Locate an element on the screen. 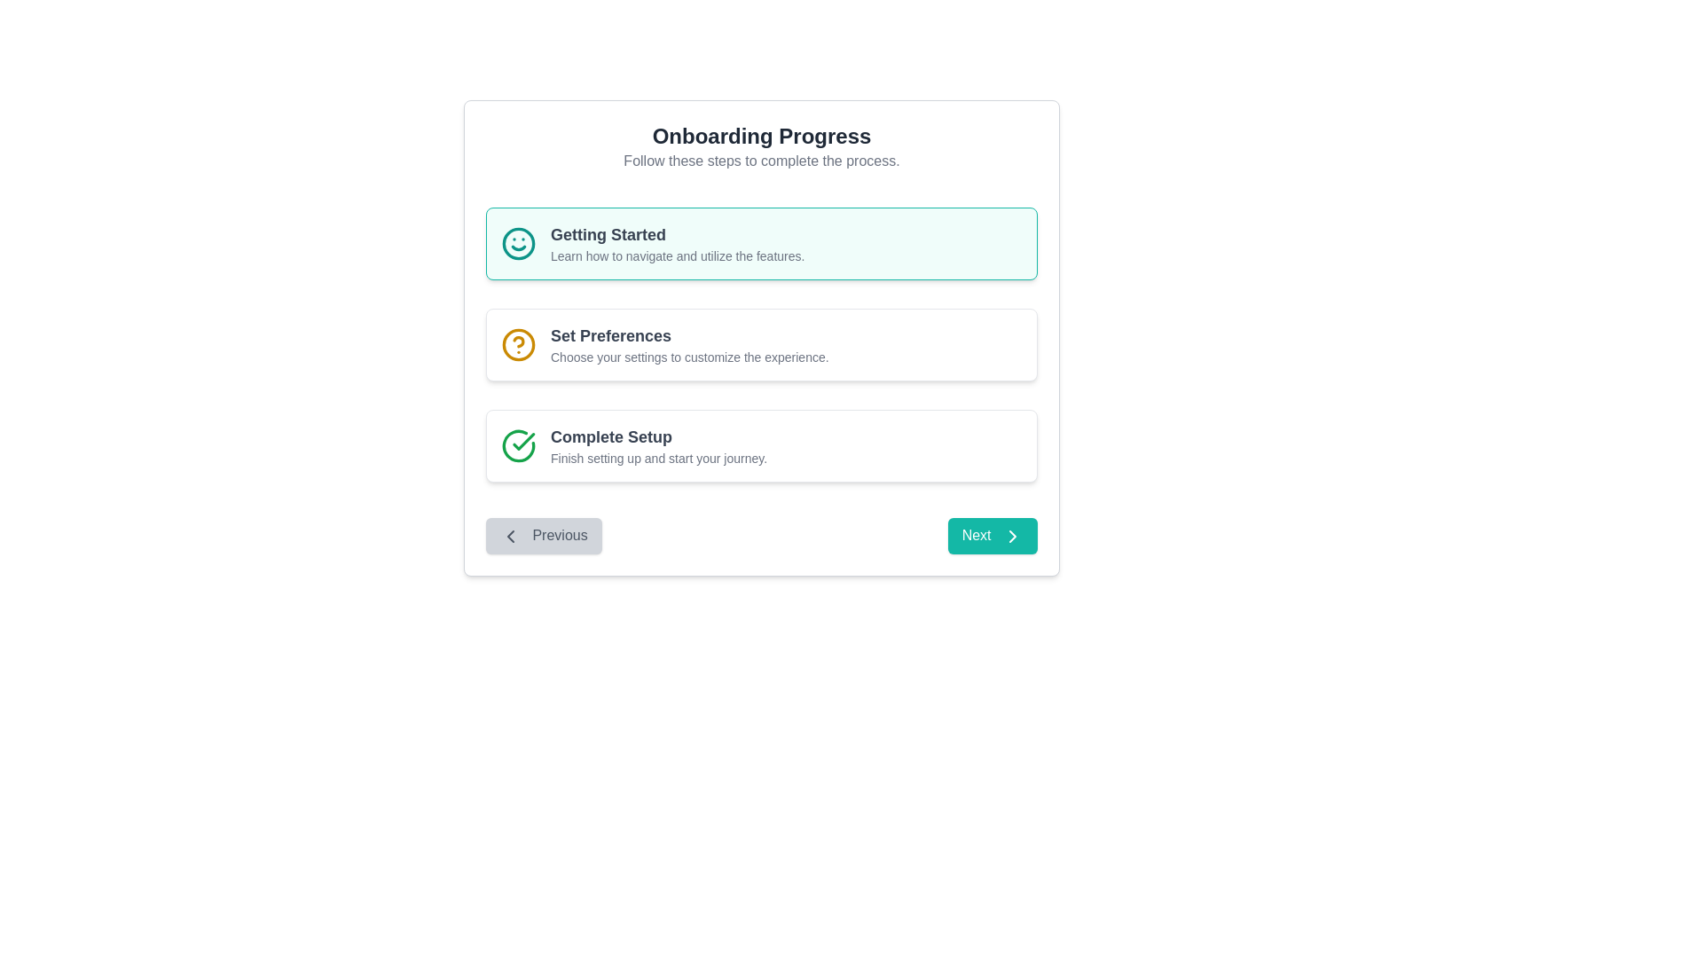 The height and width of the screenshot is (958, 1703). title and description text block labeled 'Getting Started' which provides guidance for navigation and feature utilization is located at coordinates (677, 243).